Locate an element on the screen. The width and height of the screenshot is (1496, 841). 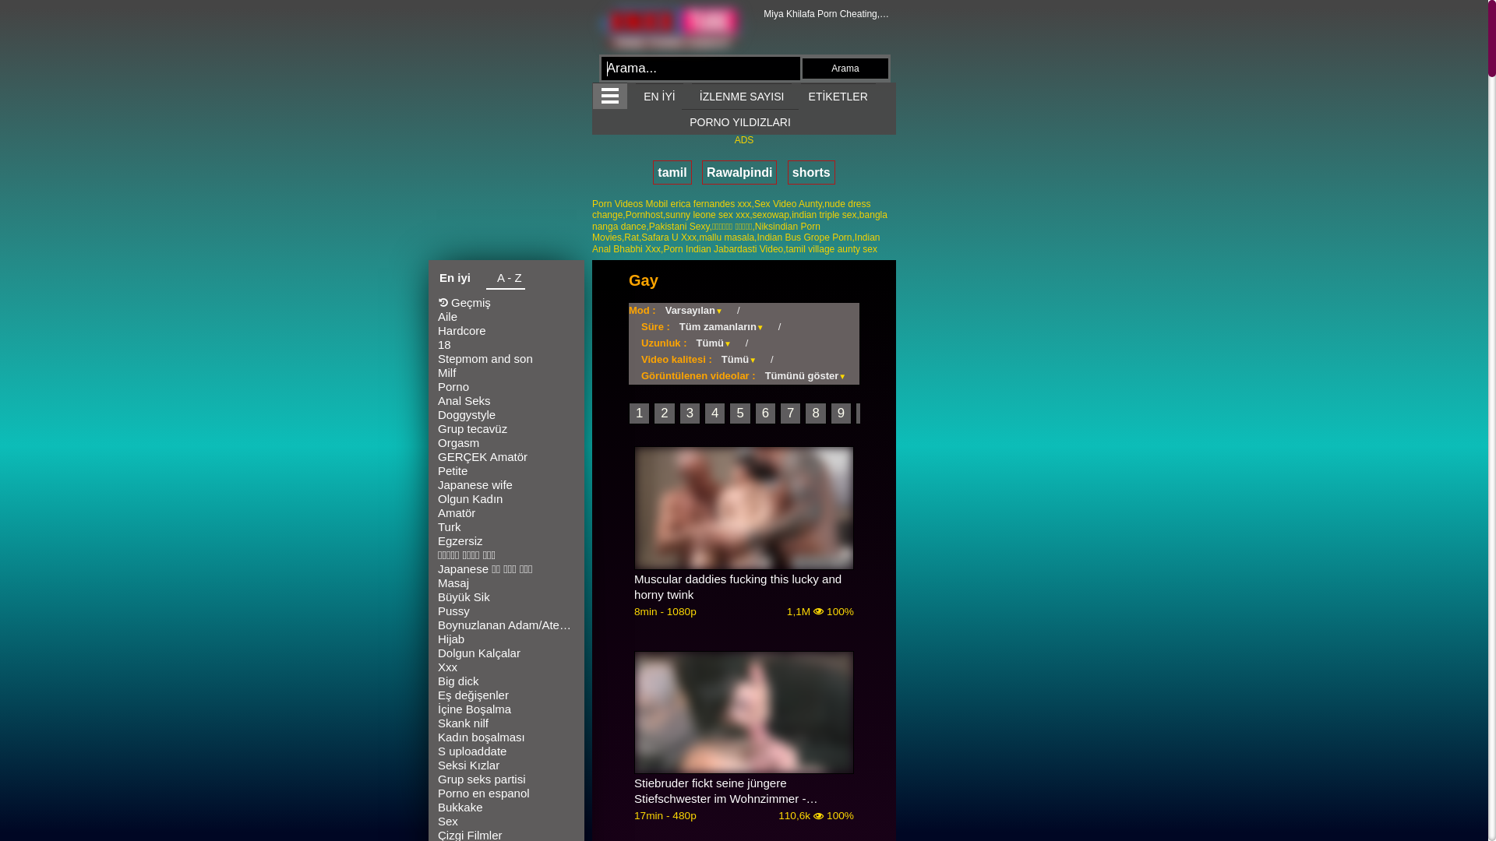
'3' is located at coordinates (689, 413).